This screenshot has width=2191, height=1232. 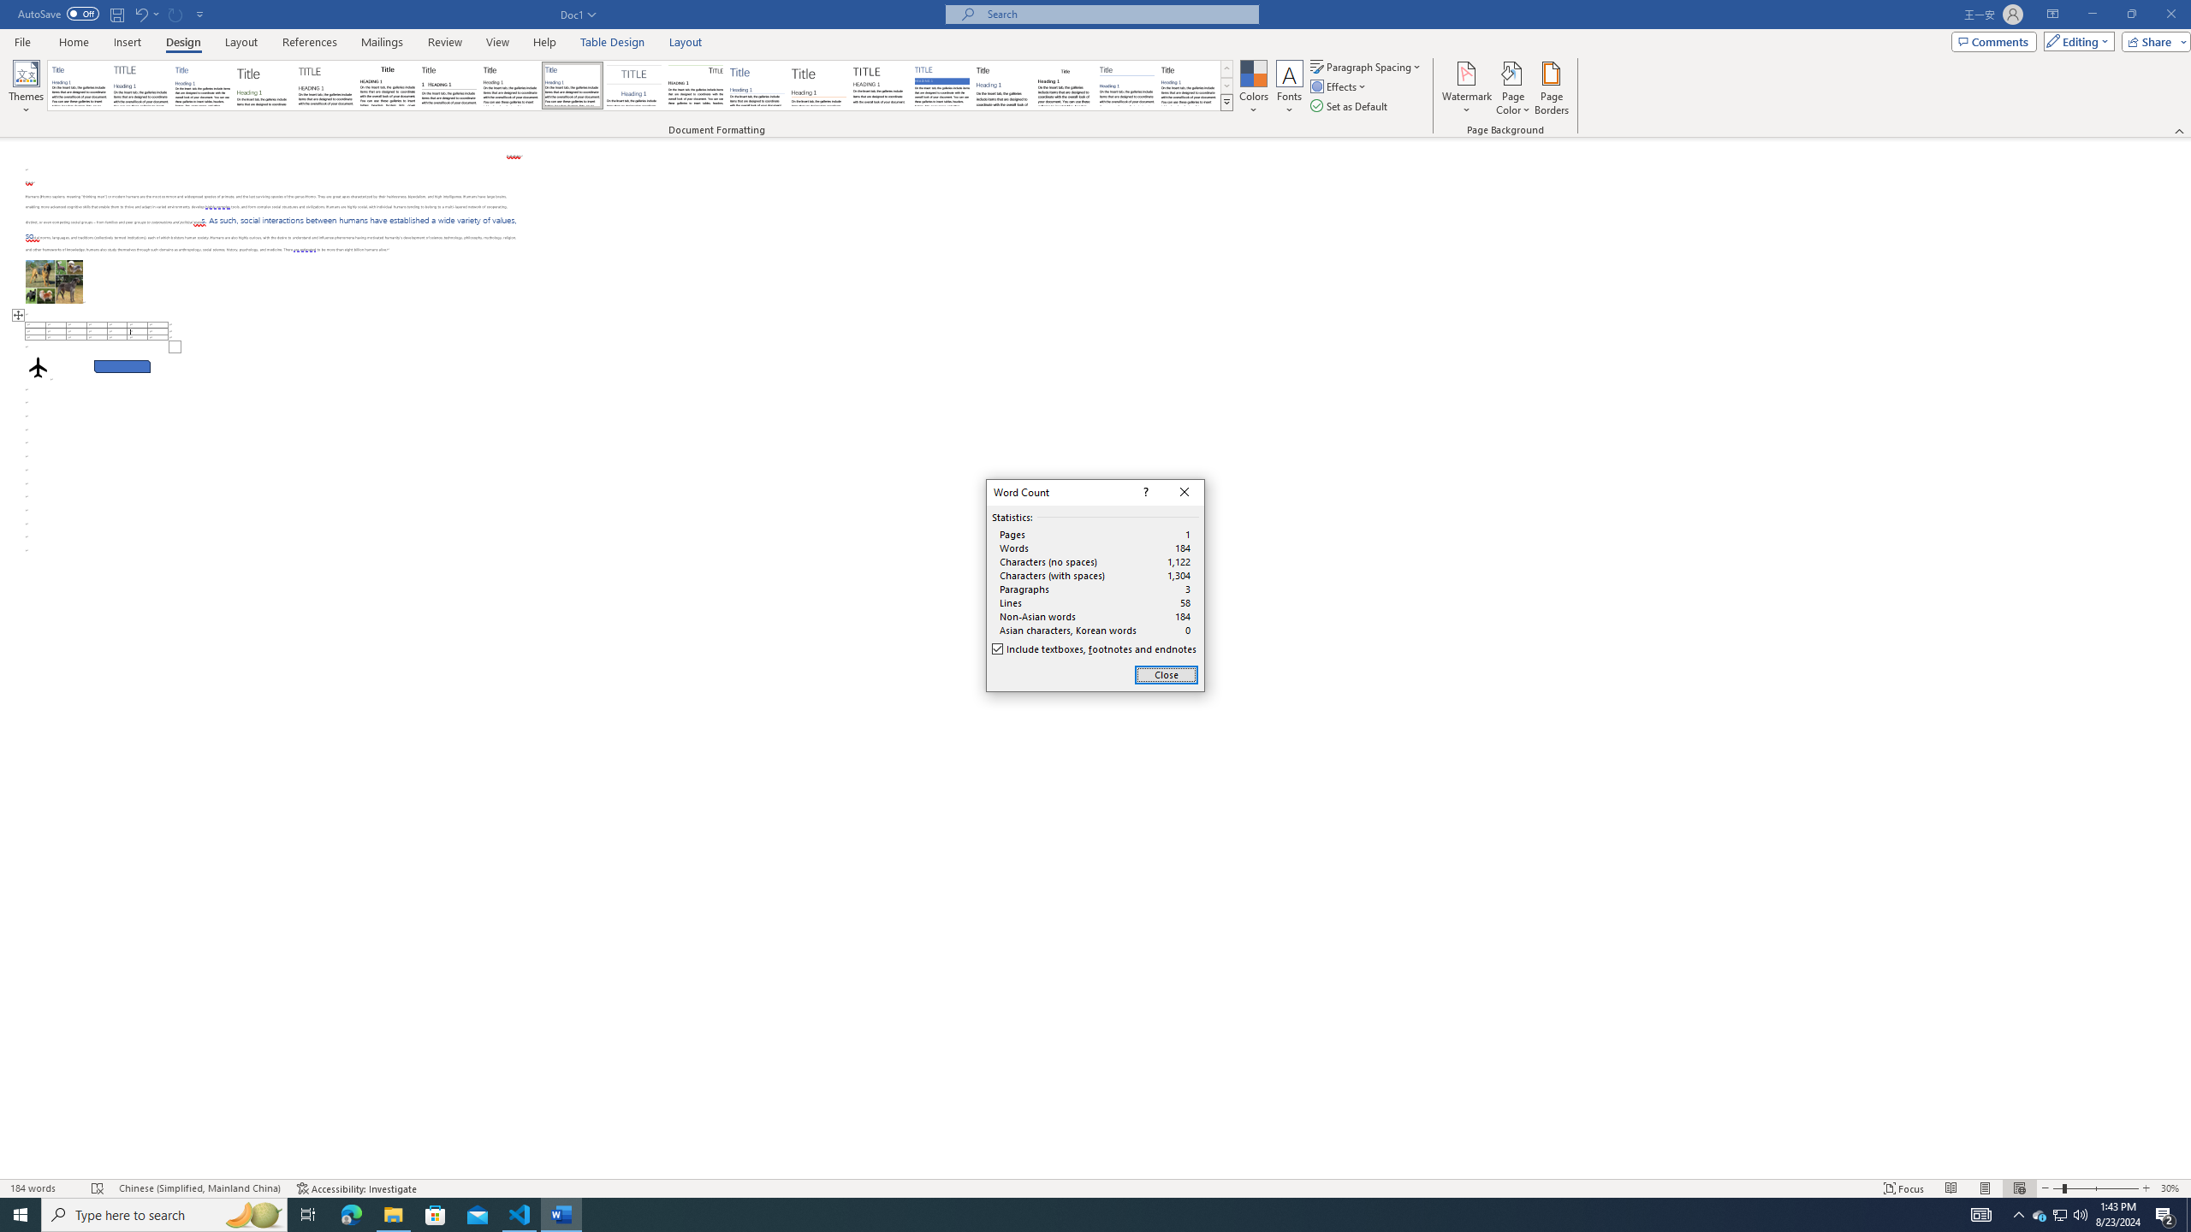 What do you see at coordinates (1095, 649) in the screenshot?
I see `'Include textboxes, footnotes and endnotes'` at bounding box center [1095, 649].